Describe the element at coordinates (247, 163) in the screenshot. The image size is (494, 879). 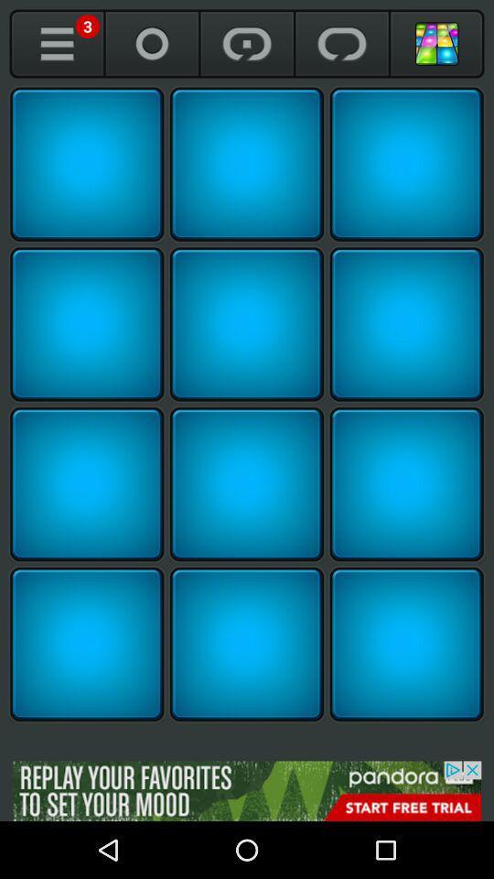
I see `top middle square` at that location.